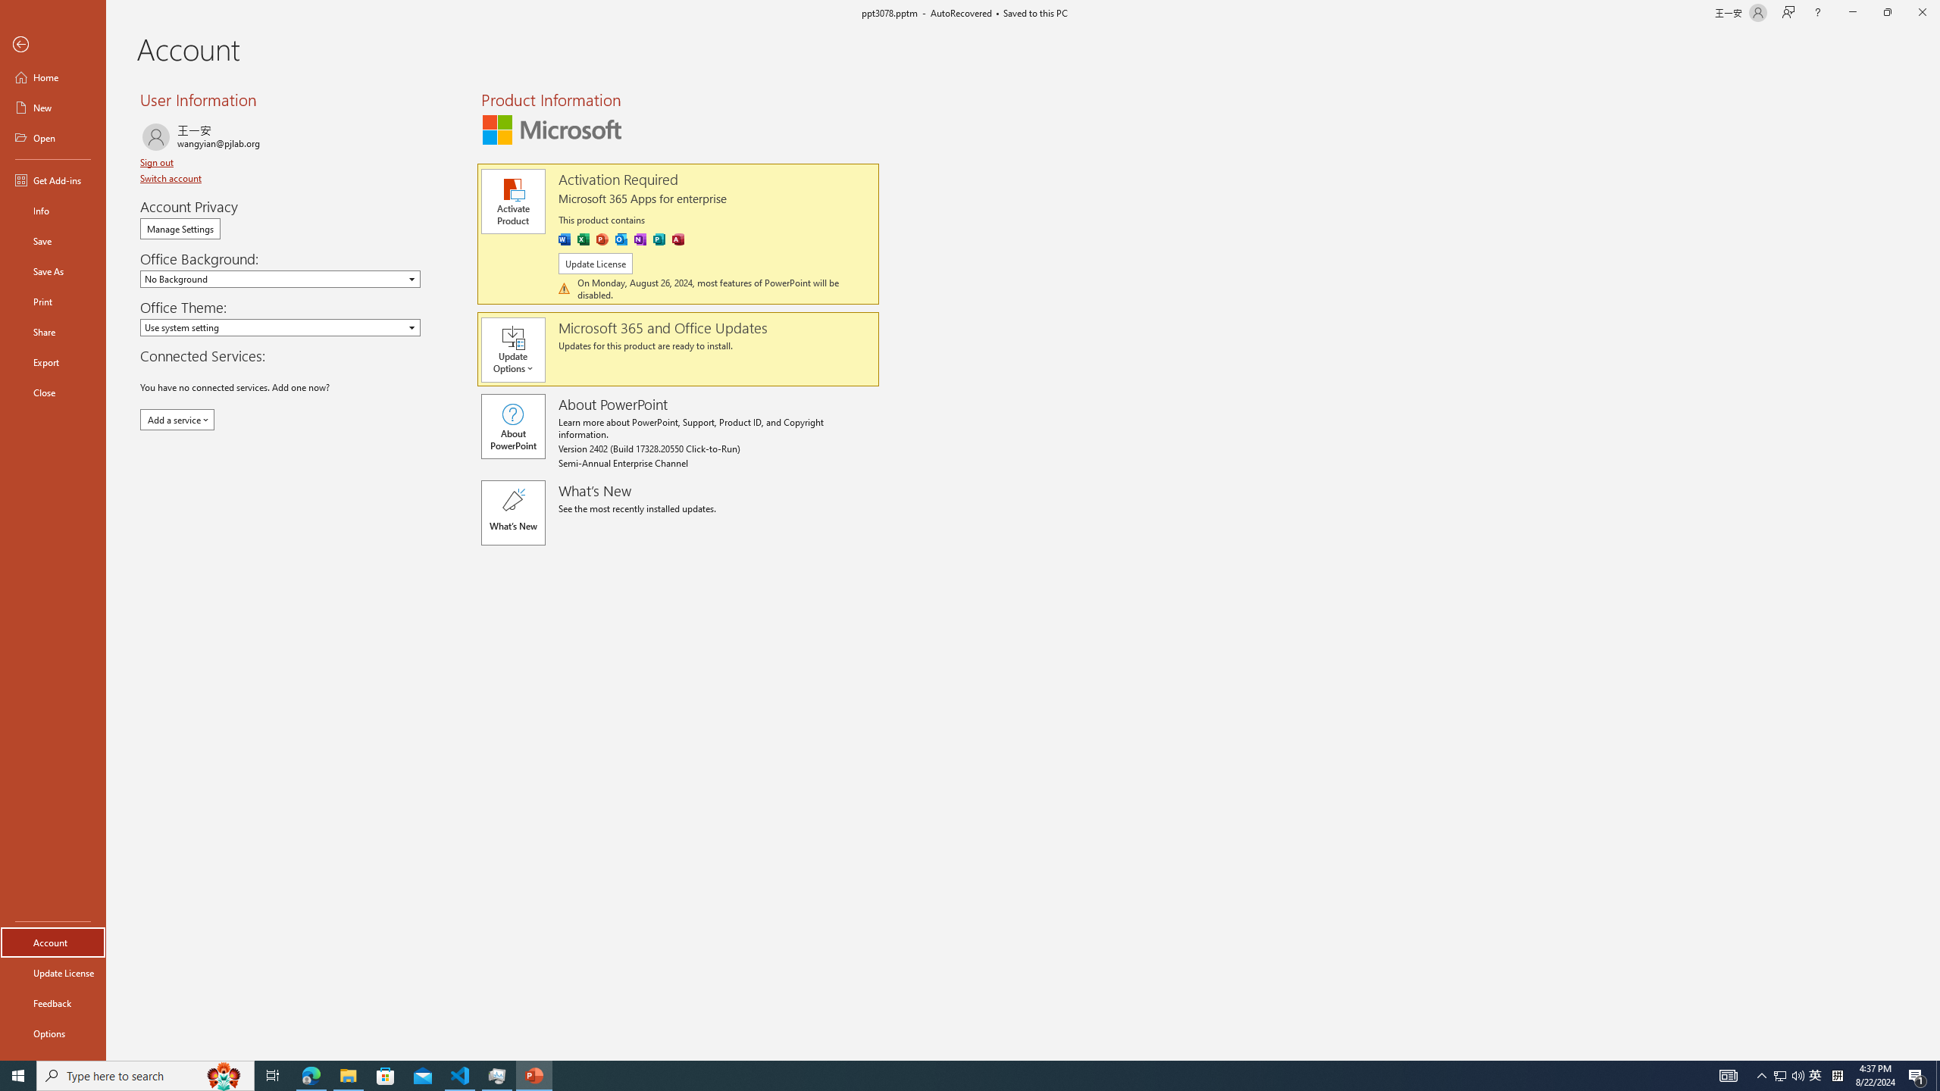  Describe the element at coordinates (661, 136) in the screenshot. I see `'Distributed'` at that location.